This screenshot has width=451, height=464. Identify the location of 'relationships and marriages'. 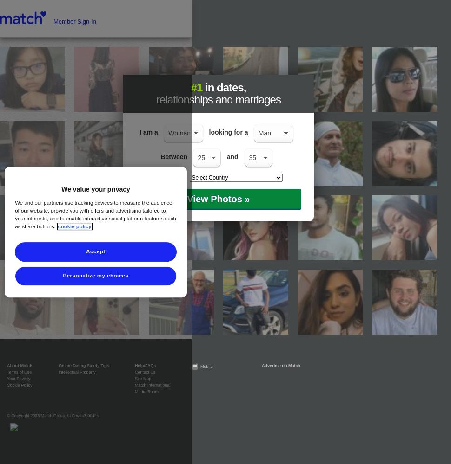
(156, 99).